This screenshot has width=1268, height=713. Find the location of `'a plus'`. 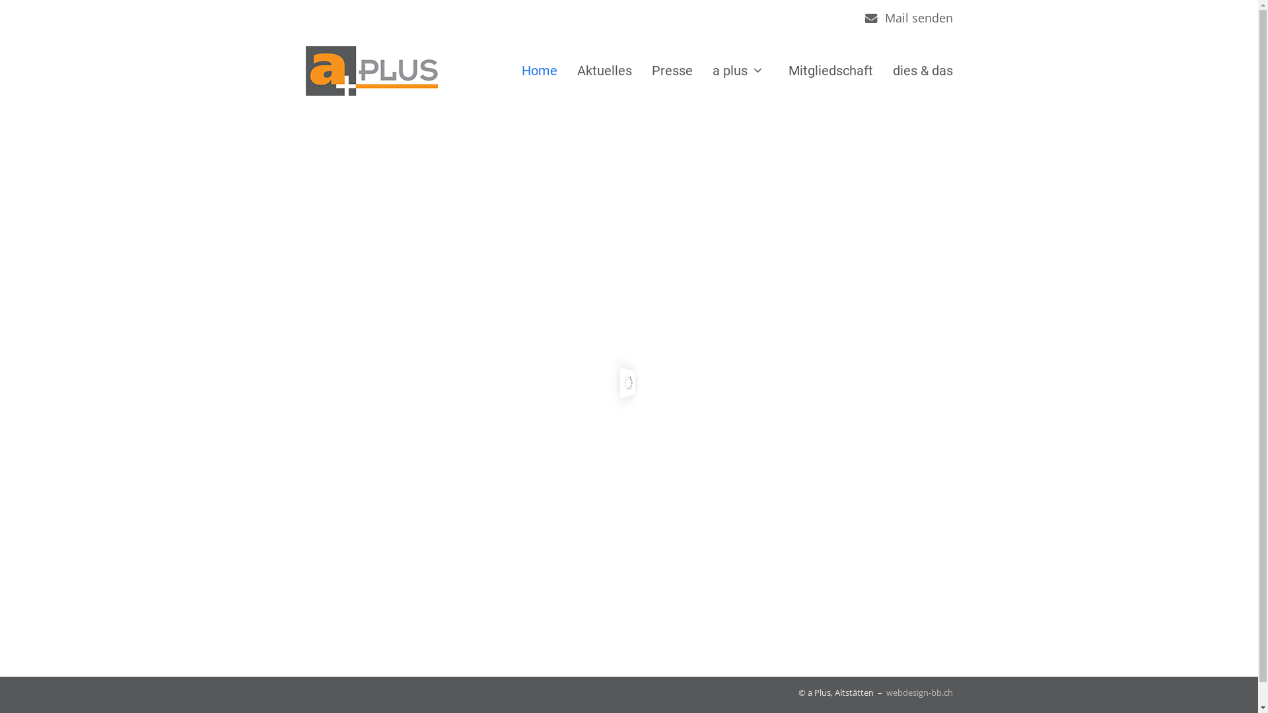

'a plus' is located at coordinates (740, 71).